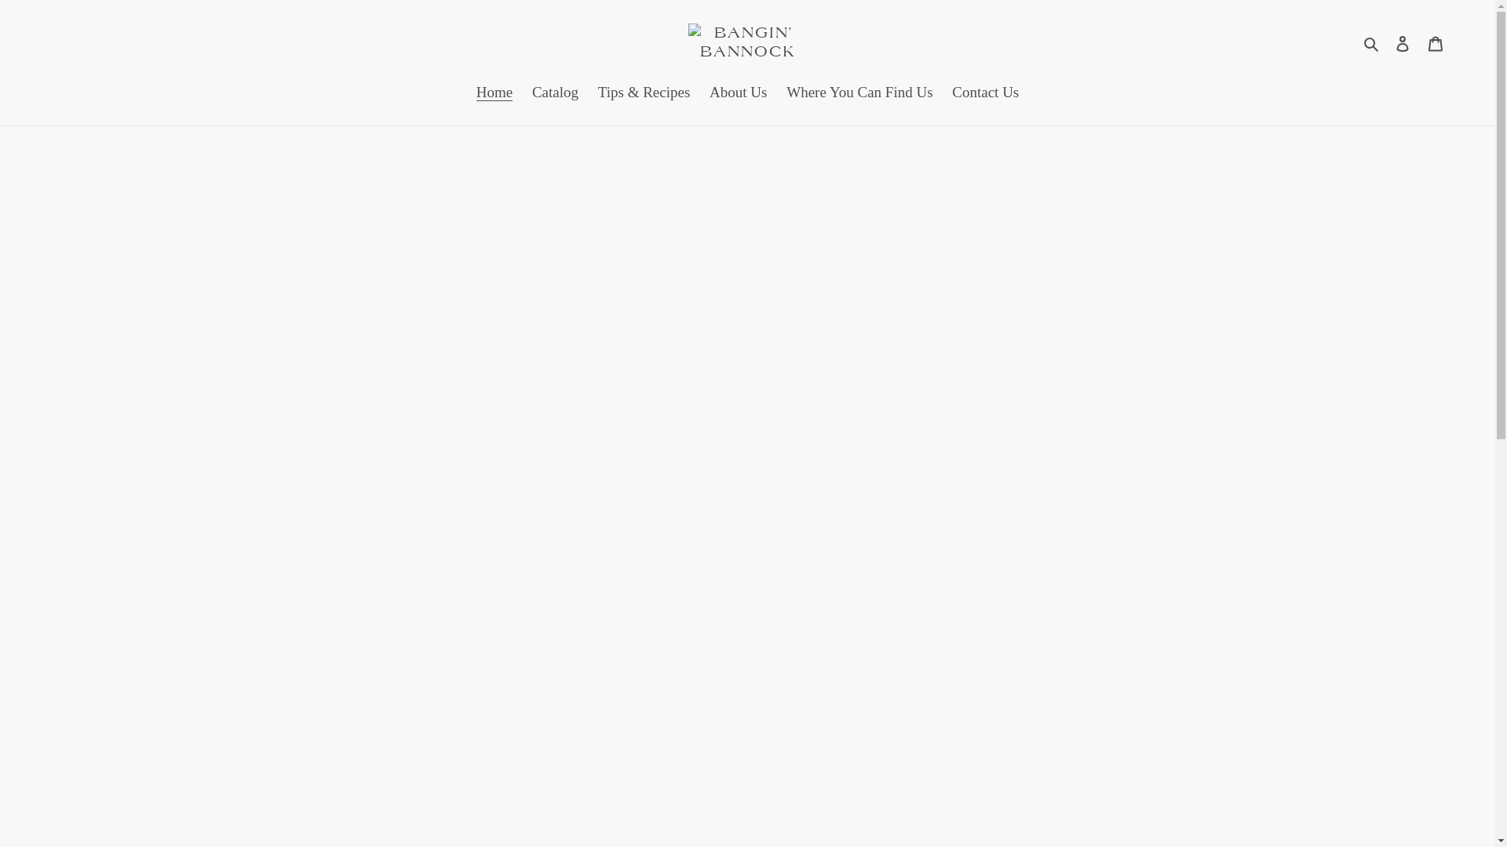 The width and height of the screenshot is (1507, 847). What do you see at coordinates (1386, 42) in the screenshot?
I see `'Log in'` at bounding box center [1386, 42].